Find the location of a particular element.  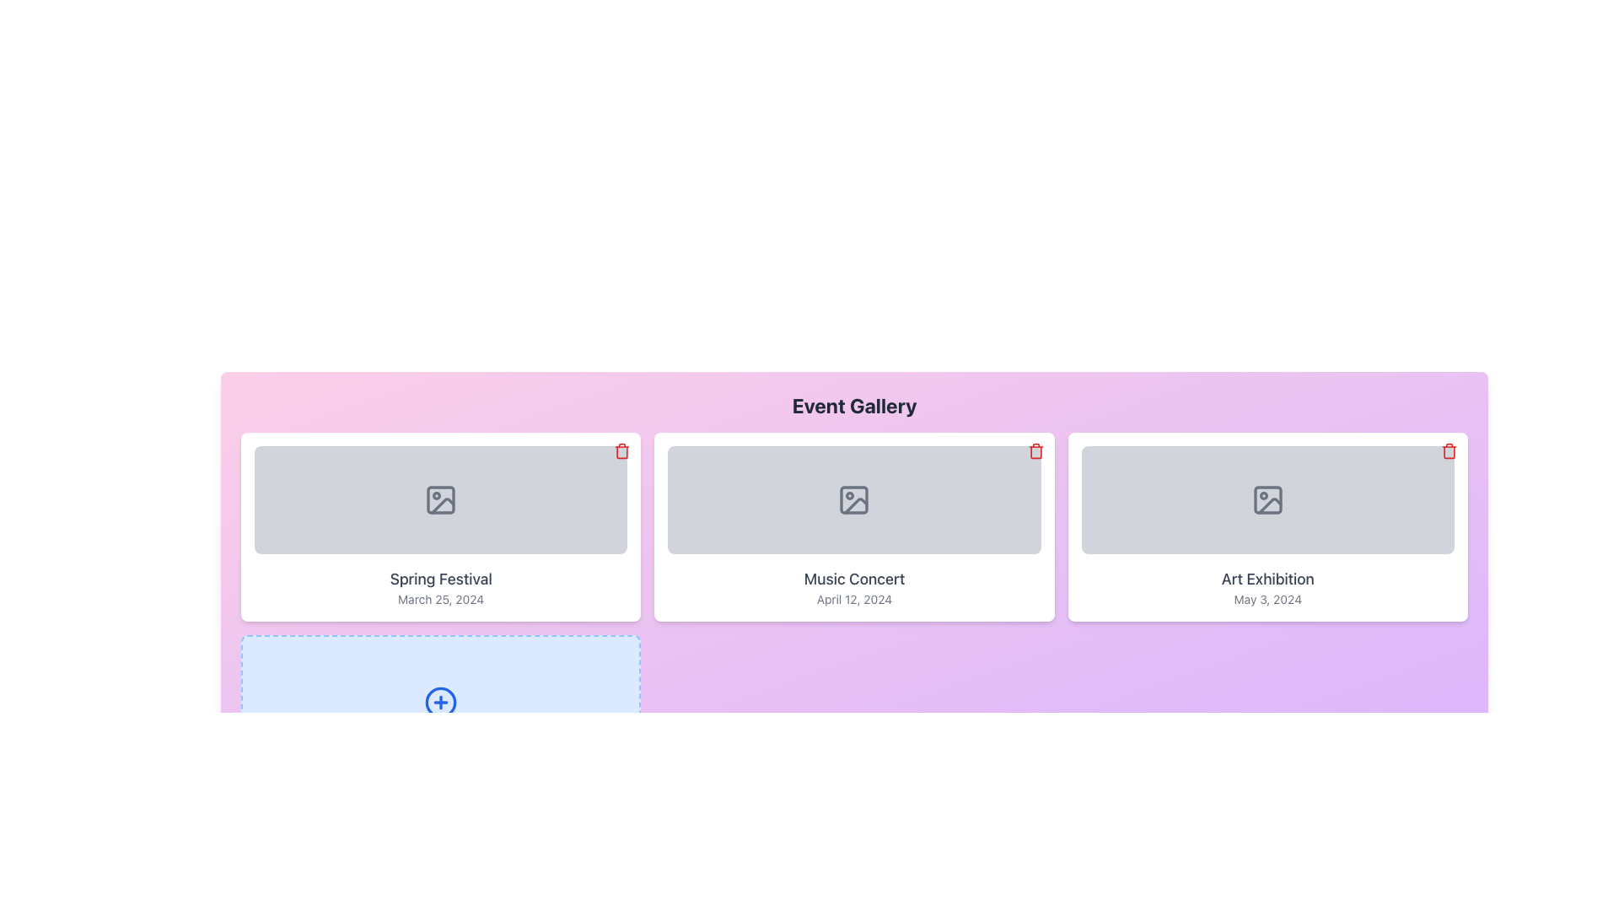

the appearance of the image placeholder icon located at the center of the third card from the left in the top row of the Event Gallery is located at coordinates (1267, 499).